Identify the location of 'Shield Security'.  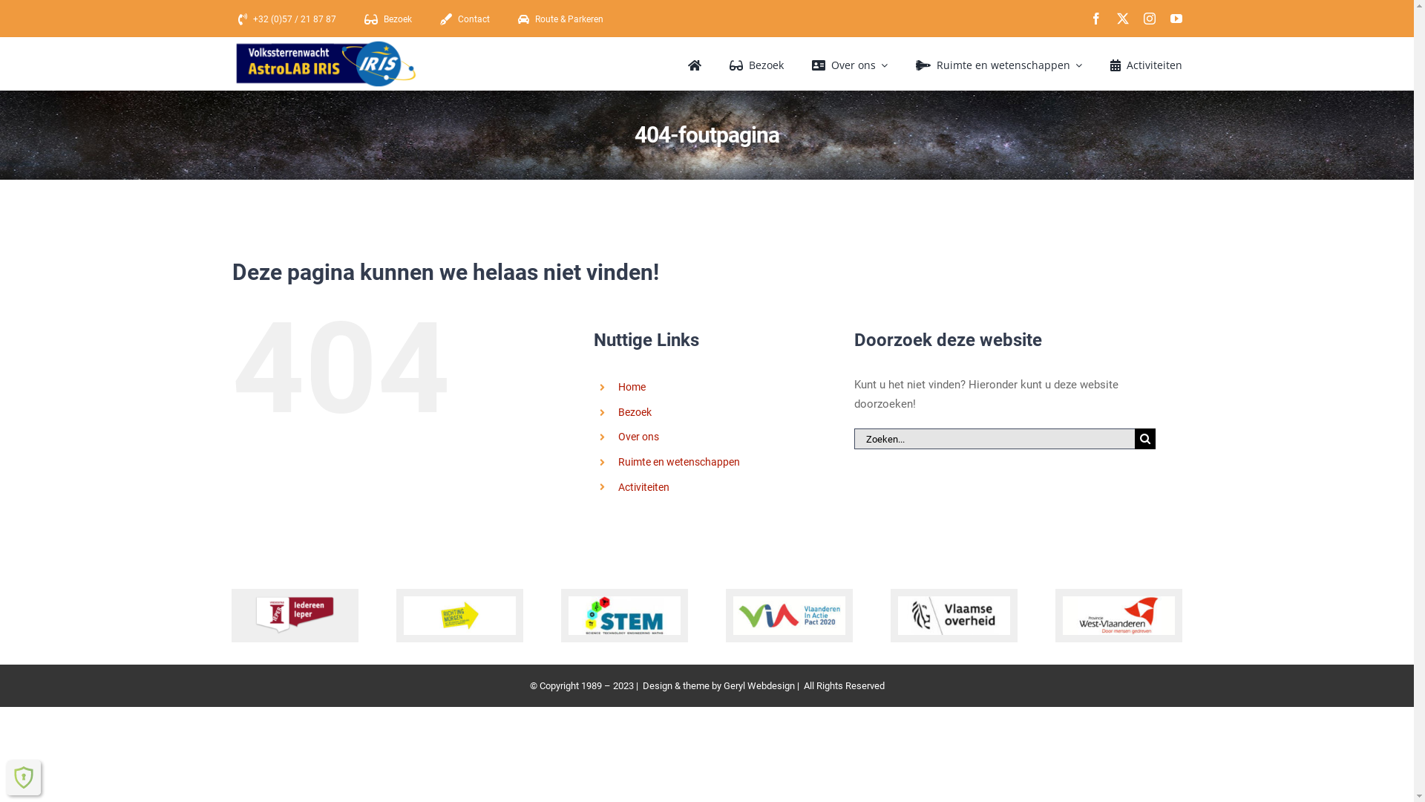
(24, 776).